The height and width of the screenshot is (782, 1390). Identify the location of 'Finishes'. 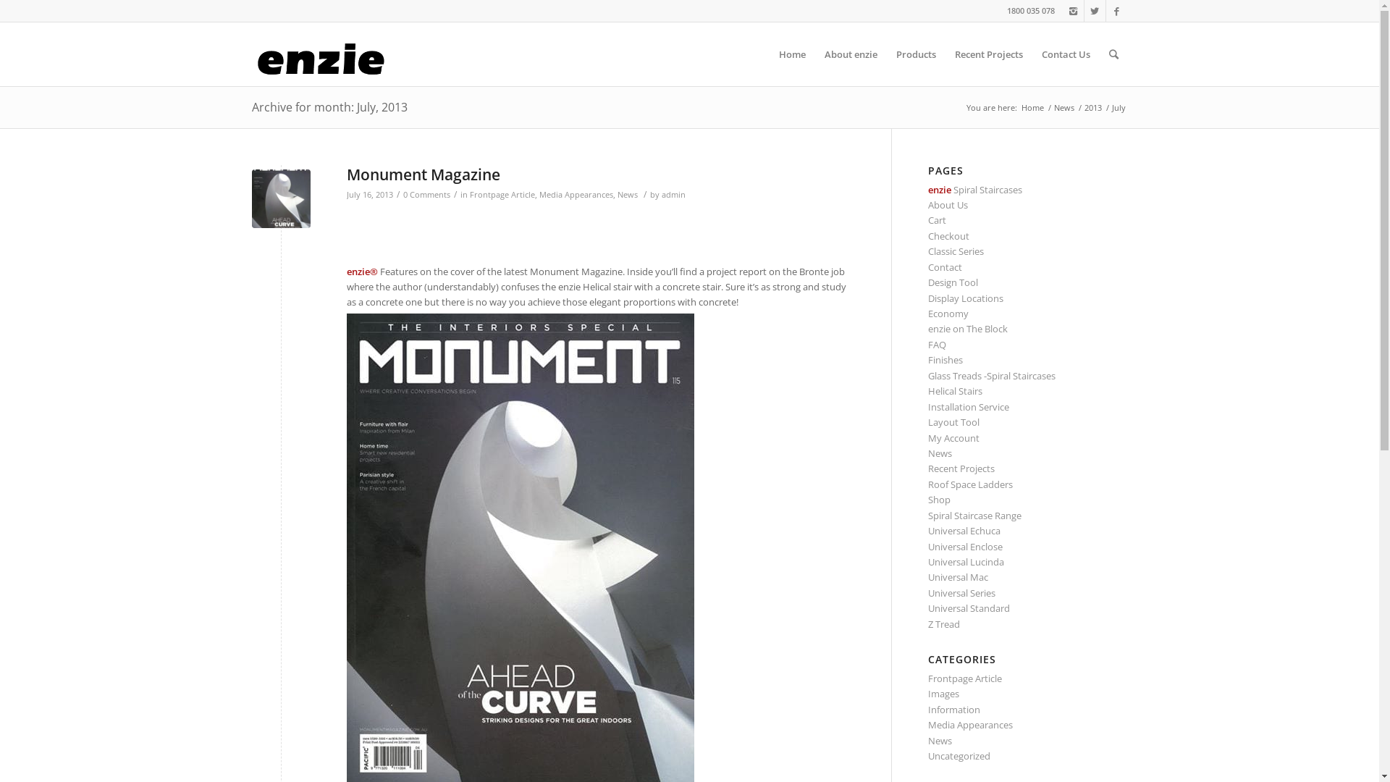
(927, 359).